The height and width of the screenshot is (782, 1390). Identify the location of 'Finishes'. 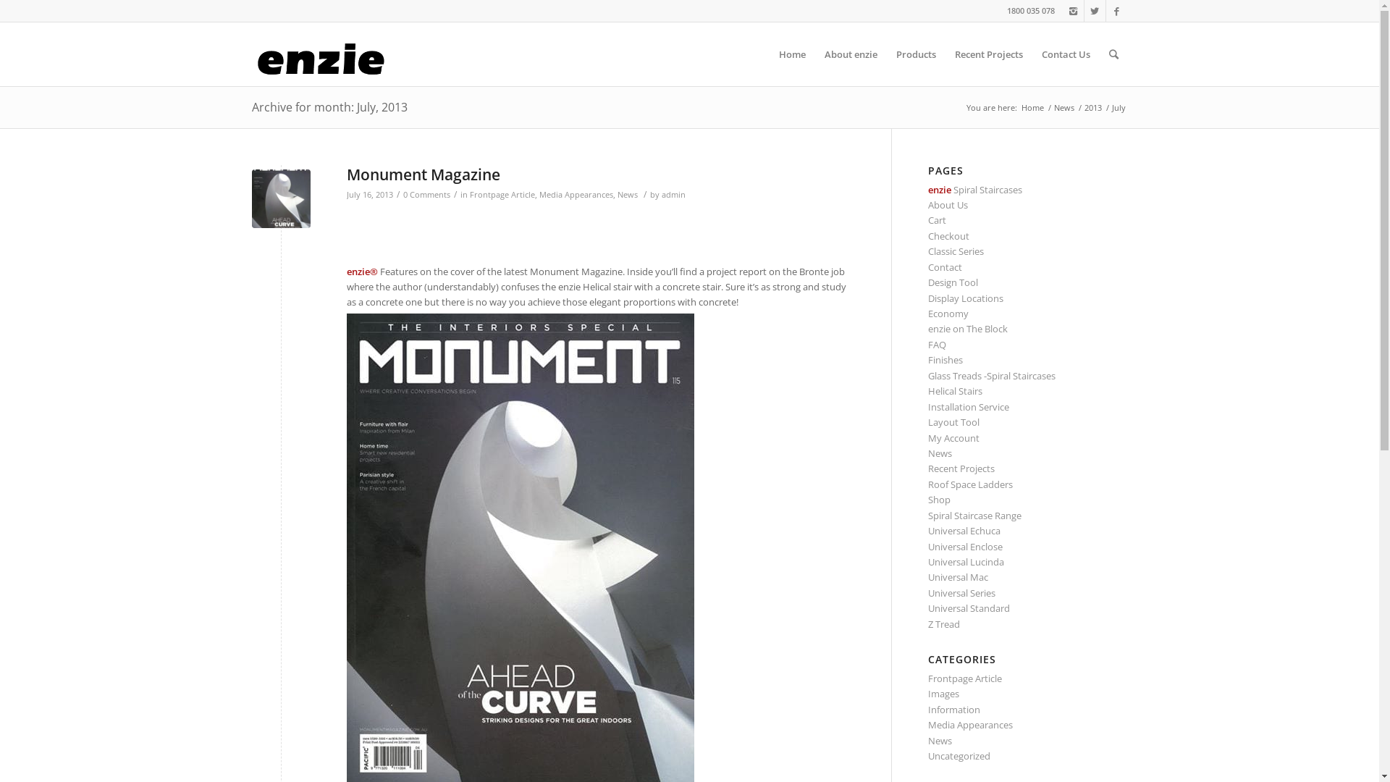
(927, 359).